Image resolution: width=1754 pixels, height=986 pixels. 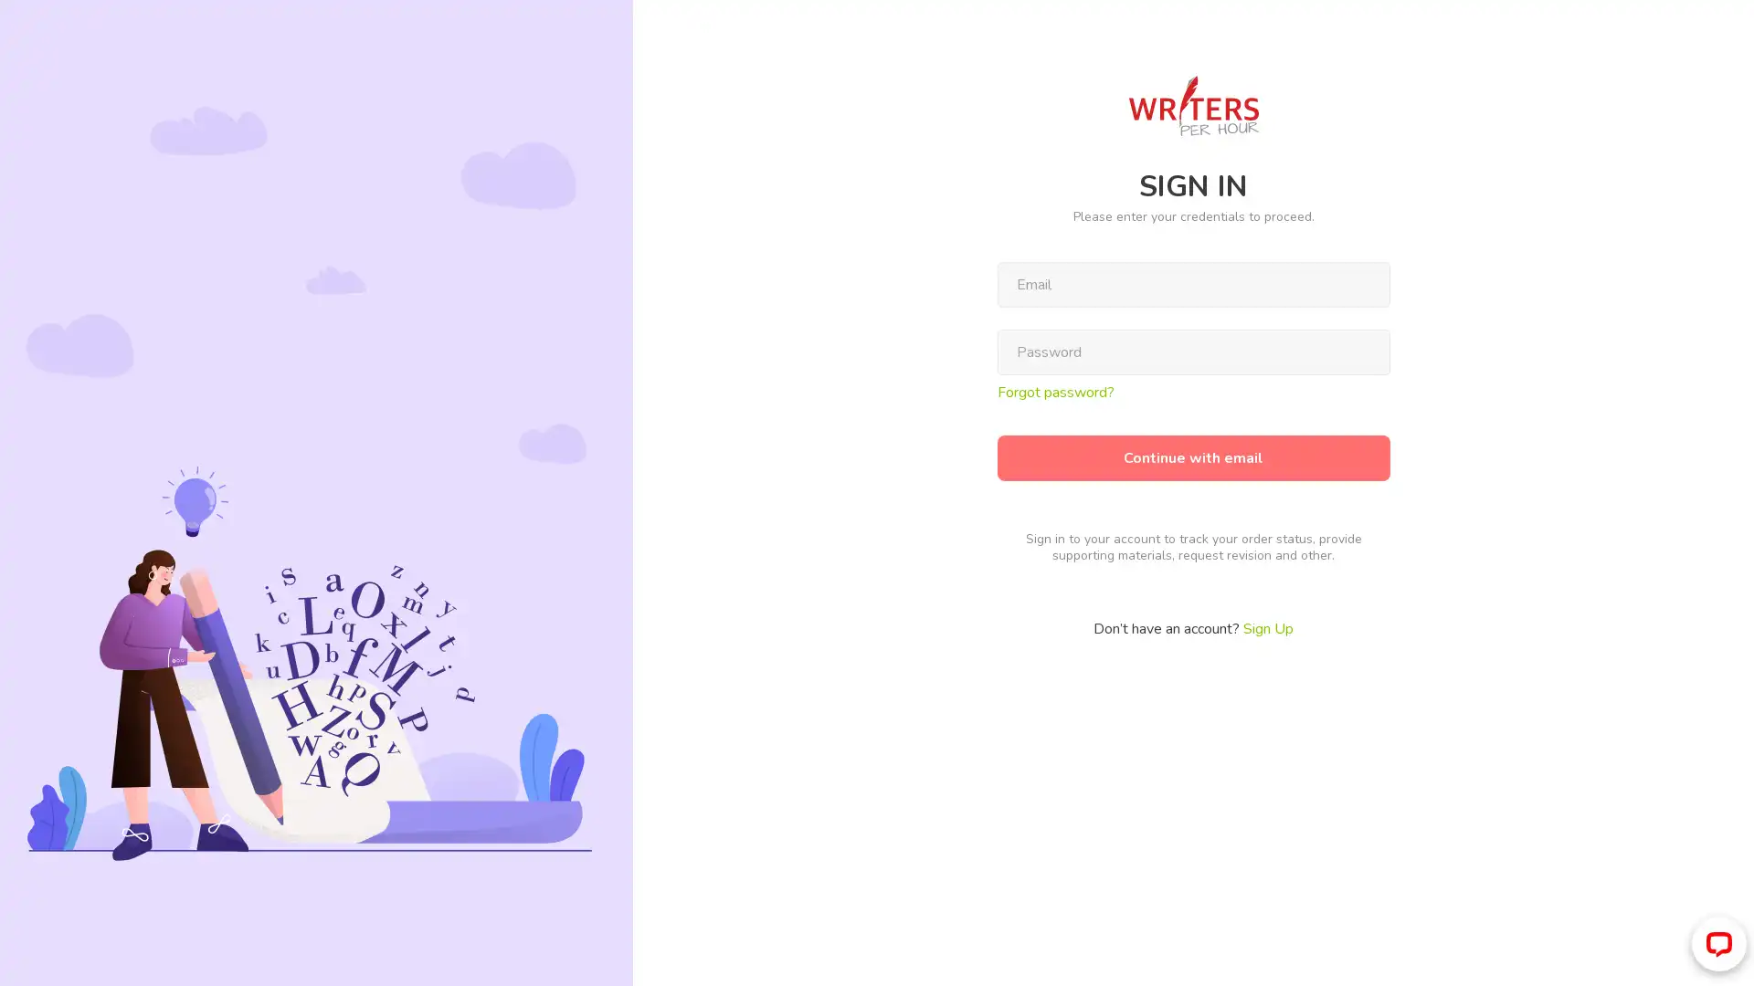 I want to click on Continue with email, so click(x=1192, y=456).